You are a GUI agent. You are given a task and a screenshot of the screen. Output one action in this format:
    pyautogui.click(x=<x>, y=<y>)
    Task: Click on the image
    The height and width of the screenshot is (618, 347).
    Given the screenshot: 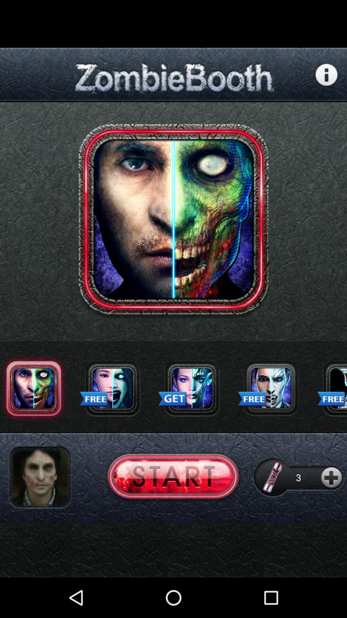 What is the action you would take?
    pyautogui.click(x=40, y=477)
    